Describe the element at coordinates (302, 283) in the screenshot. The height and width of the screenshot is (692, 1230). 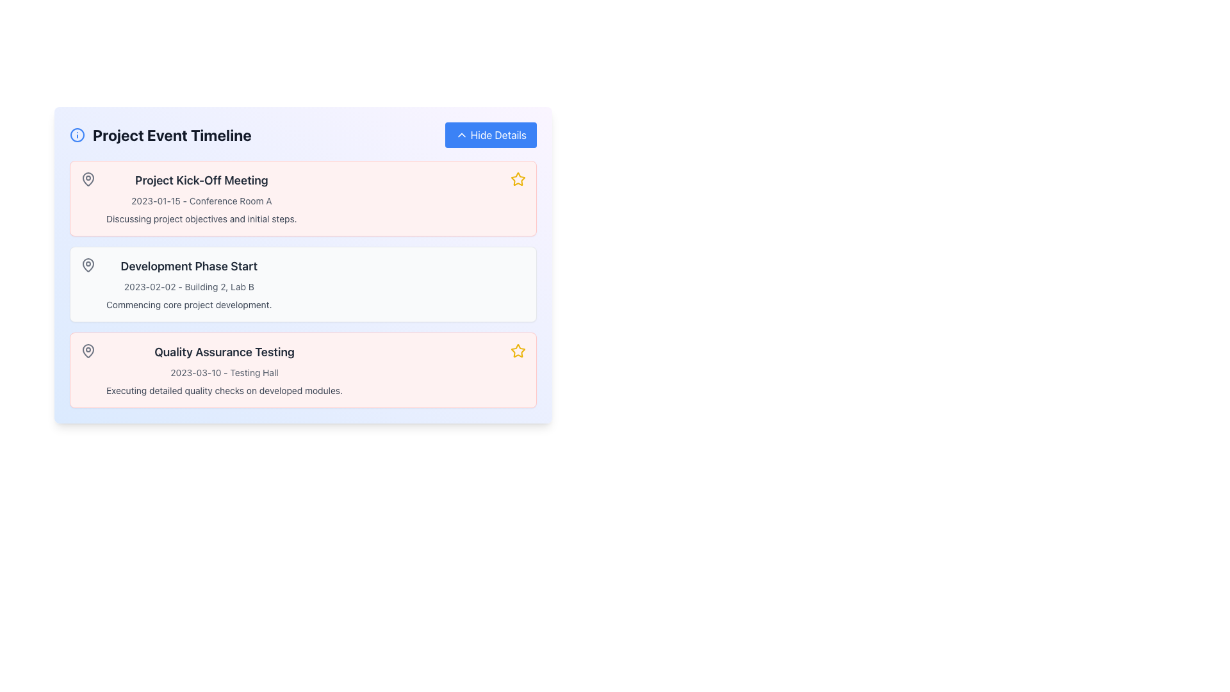
I see `the Information Card titled 'Development Phase Start' for more details, which is the second card in a vertical list of cards` at that location.